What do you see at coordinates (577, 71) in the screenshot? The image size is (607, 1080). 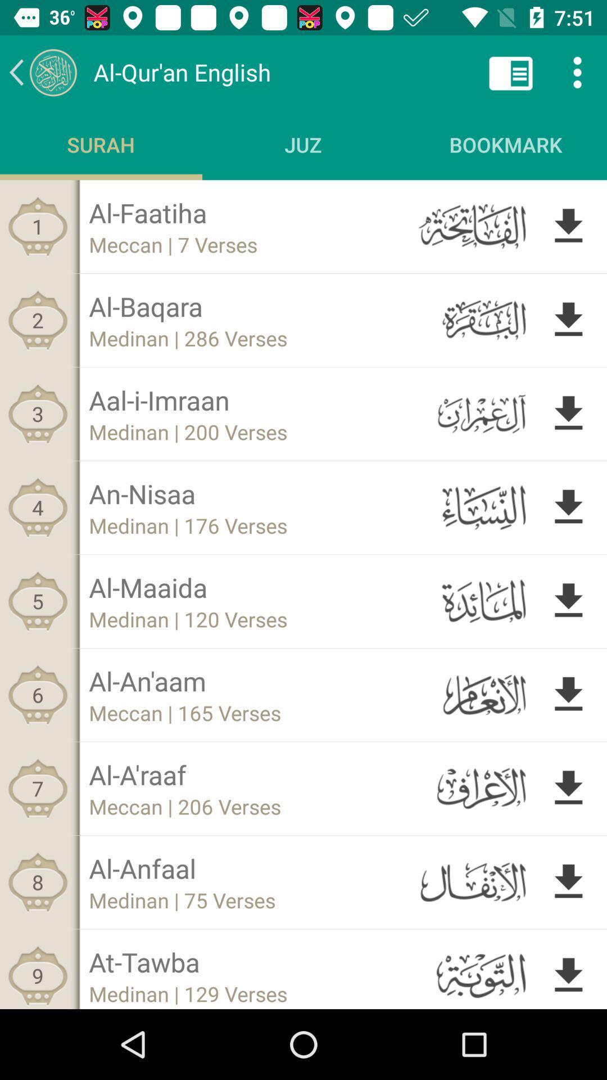 I see `the more icon` at bounding box center [577, 71].